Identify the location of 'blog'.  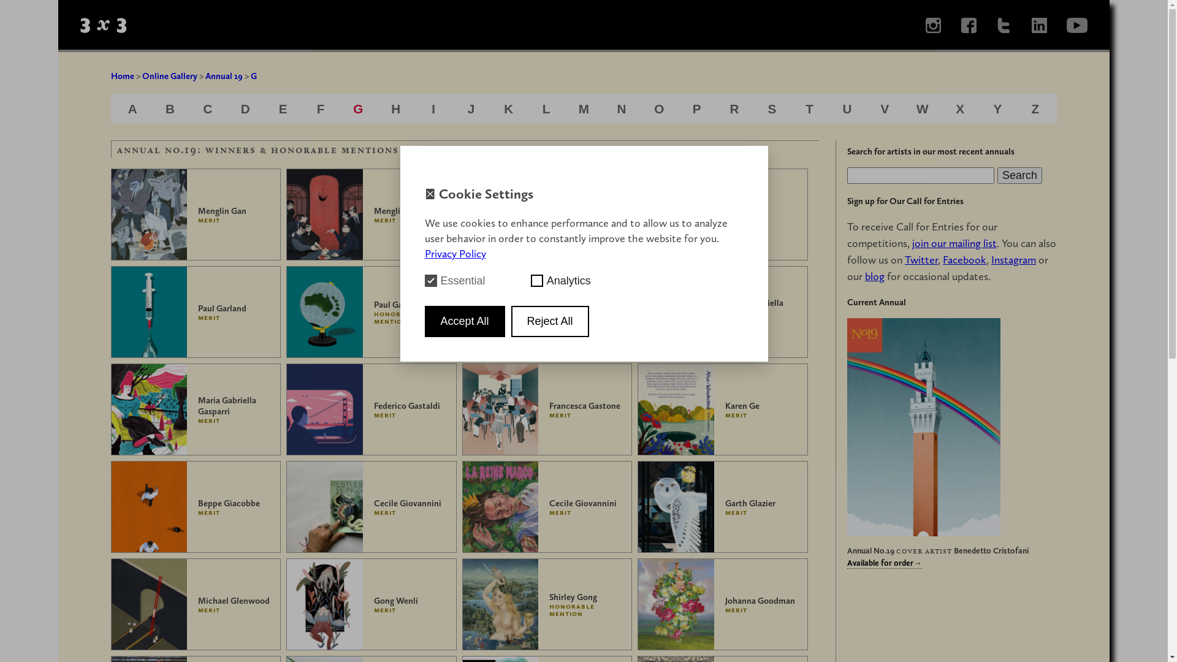
(874, 276).